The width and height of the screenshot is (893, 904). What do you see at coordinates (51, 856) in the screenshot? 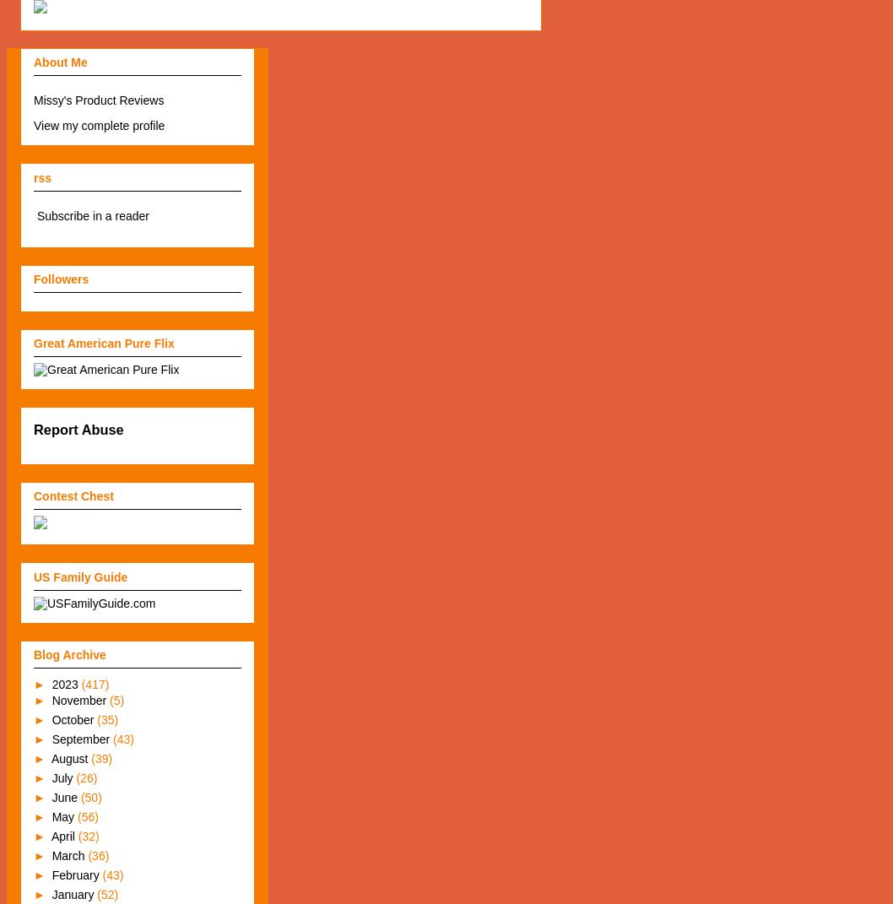
I see `'March'` at bounding box center [51, 856].